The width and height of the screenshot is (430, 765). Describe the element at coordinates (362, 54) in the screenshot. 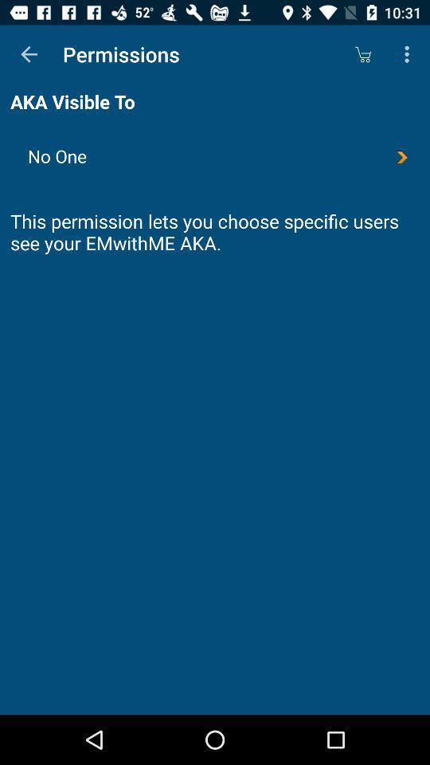

I see `app to the right of the permissions item` at that location.